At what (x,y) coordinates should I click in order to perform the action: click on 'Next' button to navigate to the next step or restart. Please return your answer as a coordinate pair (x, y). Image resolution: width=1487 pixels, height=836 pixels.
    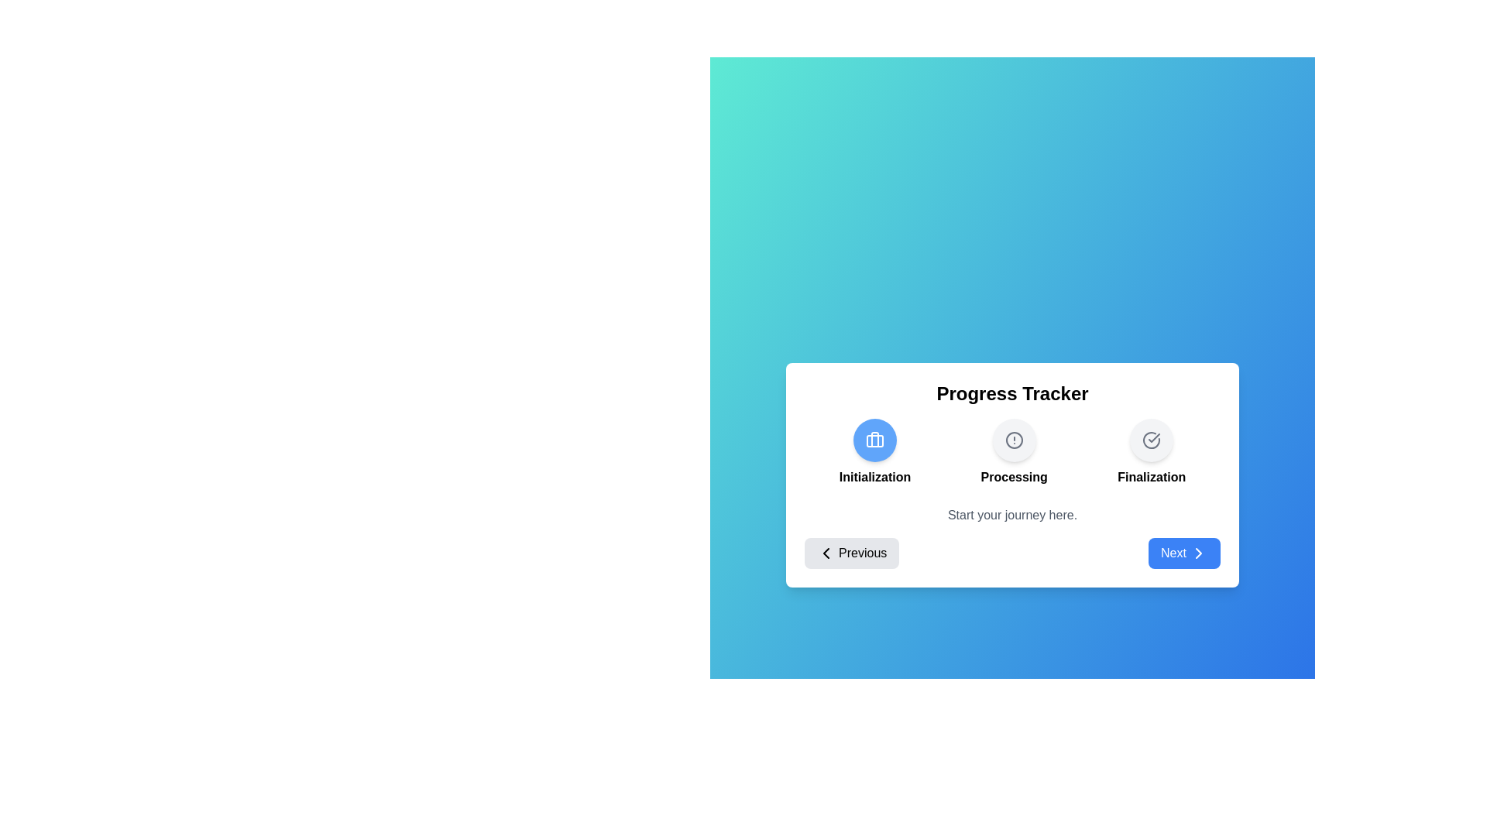
    Looking at the image, I should click on (1183, 552).